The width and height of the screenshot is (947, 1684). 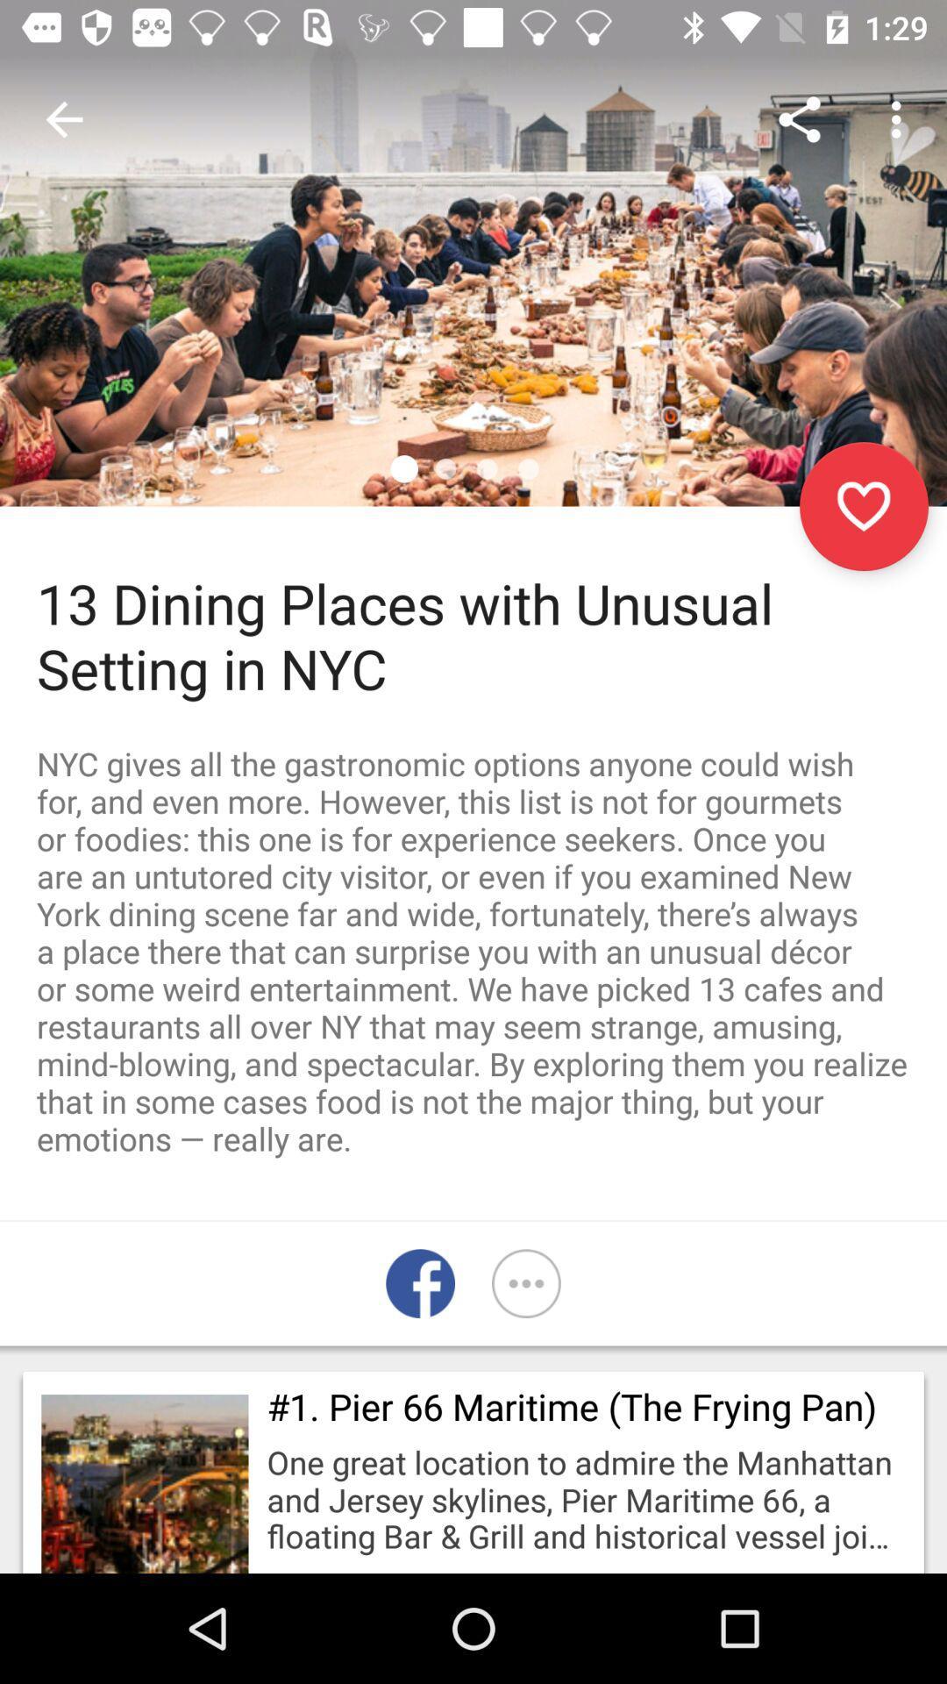 I want to click on mark as favorite, so click(x=863, y=505).